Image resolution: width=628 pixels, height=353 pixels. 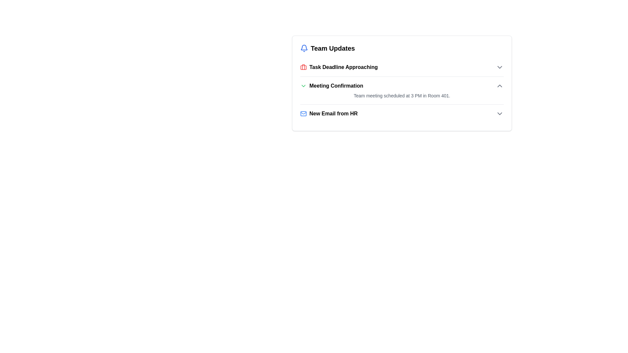 I want to click on the 'Meeting Confirmation' title bar, which is the second item in the list of updates under 'Team Updates.', so click(x=401, y=85).